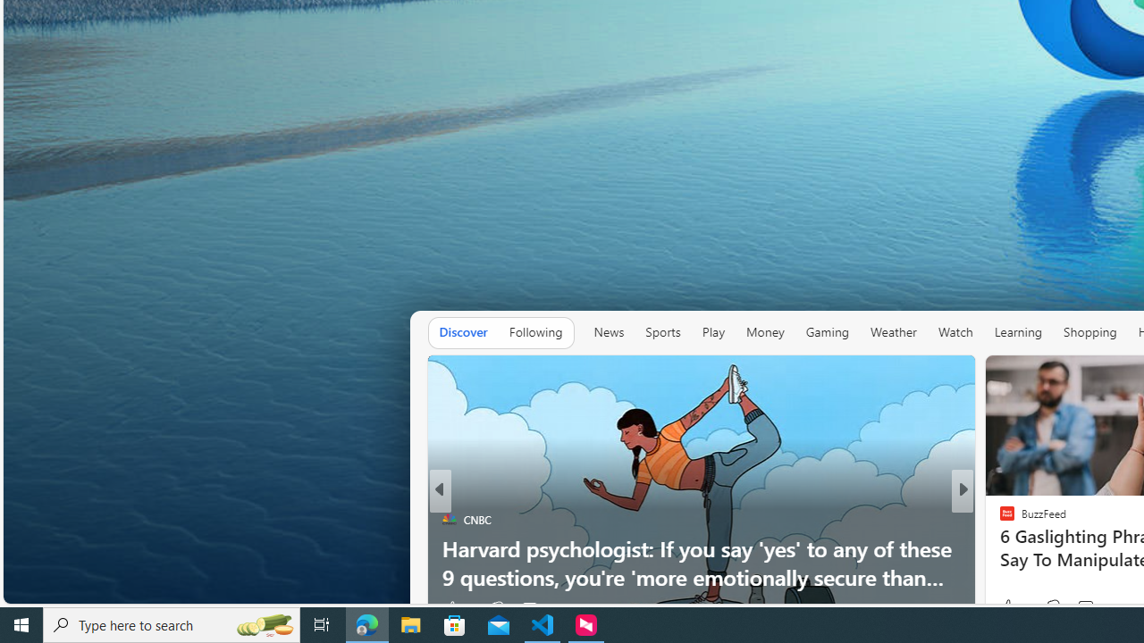 The image size is (1144, 643). What do you see at coordinates (1084, 606) in the screenshot?
I see `'View comments 139 Comment'` at bounding box center [1084, 606].